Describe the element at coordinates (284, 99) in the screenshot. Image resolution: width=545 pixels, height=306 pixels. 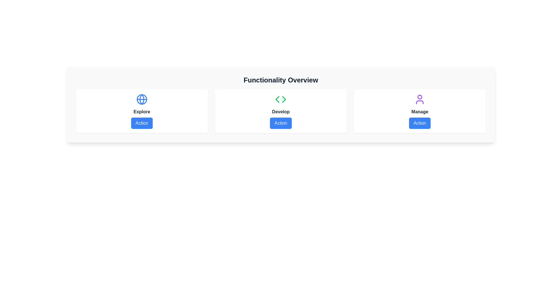
I see `the green arrowhead pointing to the right located inside the larger green graphical icon in the 'Develop' card of the 'Functionality Overview' section` at that location.